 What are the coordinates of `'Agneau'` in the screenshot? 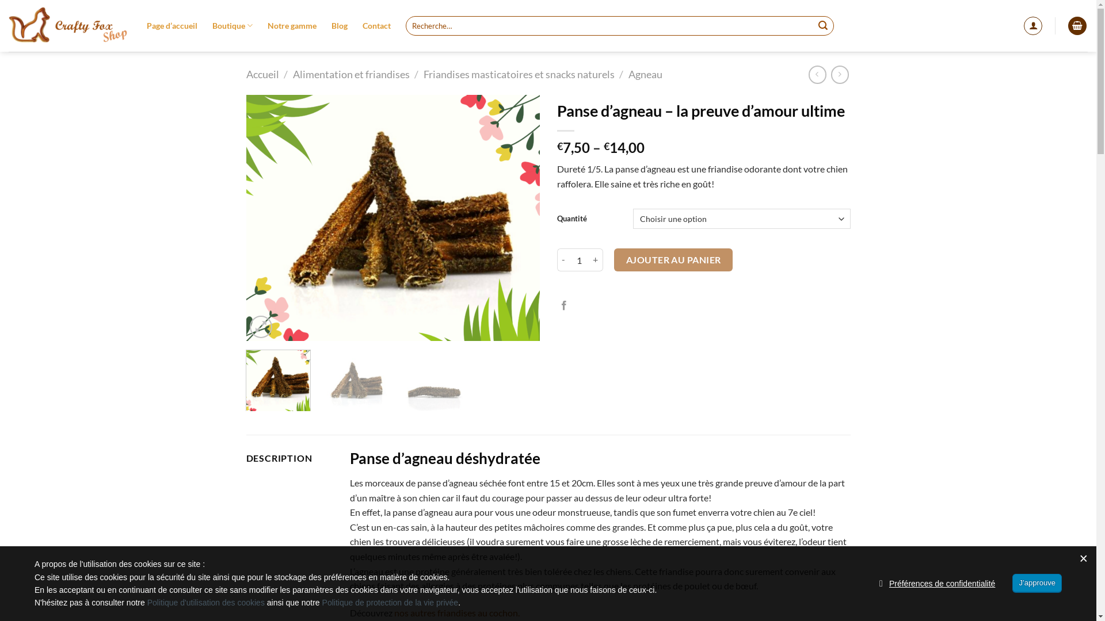 It's located at (627, 74).